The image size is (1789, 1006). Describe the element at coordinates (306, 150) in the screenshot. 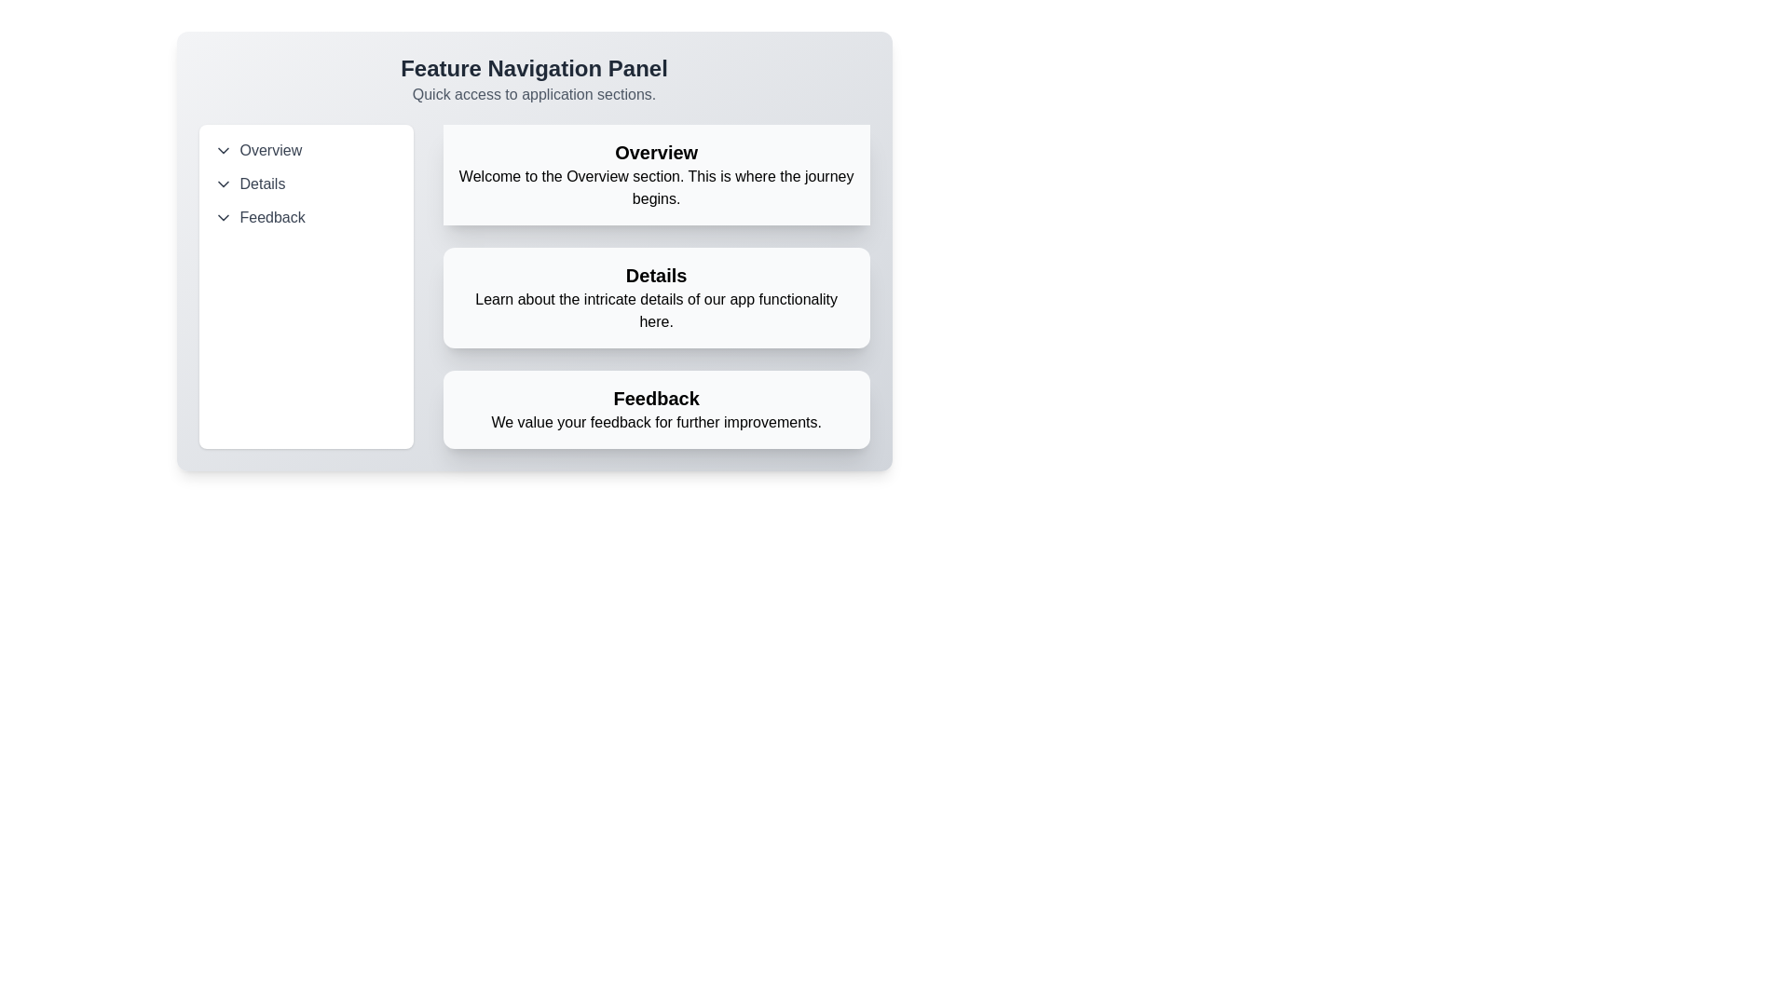

I see `the 'Overview' button in the navigation panel` at that location.